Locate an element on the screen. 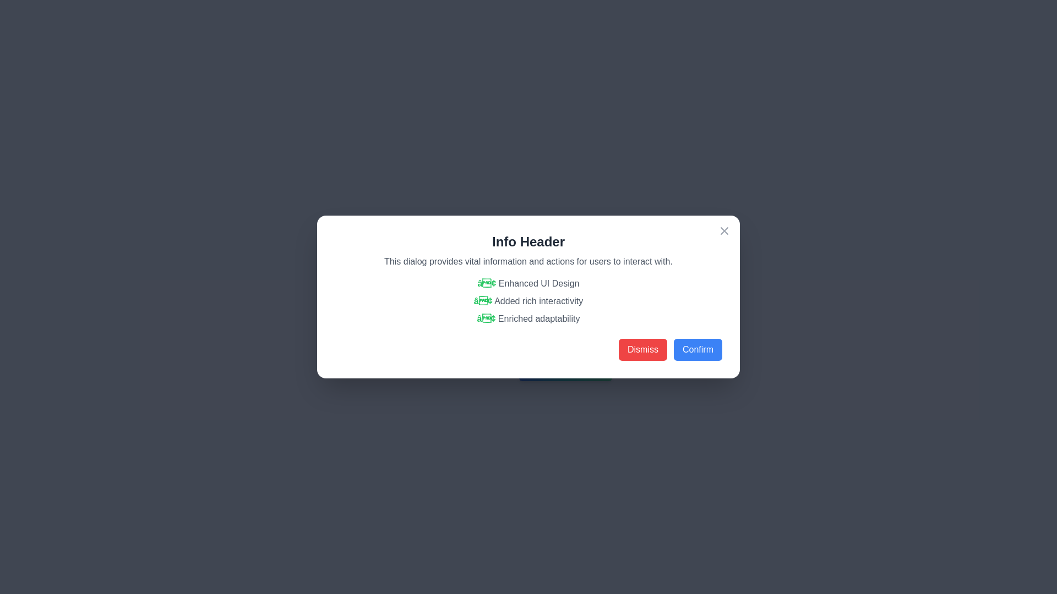 The image size is (1057, 594). the third plain list item that presents a feature related to adaptability, located towards the bottom of the modal window is located at coordinates (528, 318).